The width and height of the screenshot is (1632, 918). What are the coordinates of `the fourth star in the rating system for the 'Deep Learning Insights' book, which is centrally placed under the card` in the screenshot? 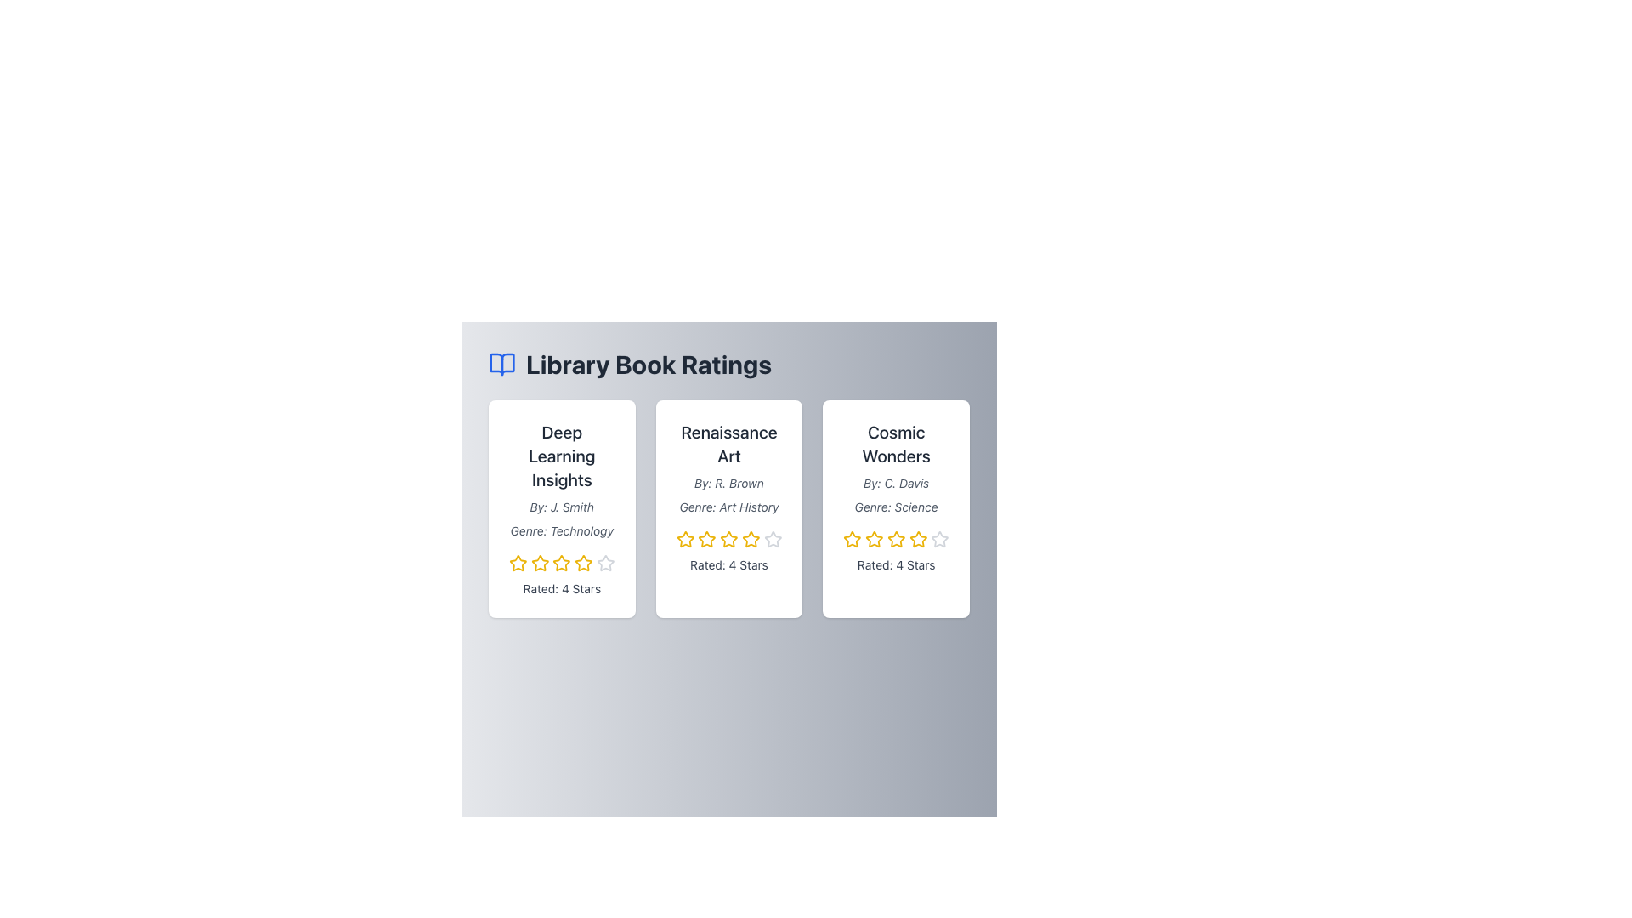 It's located at (562, 564).